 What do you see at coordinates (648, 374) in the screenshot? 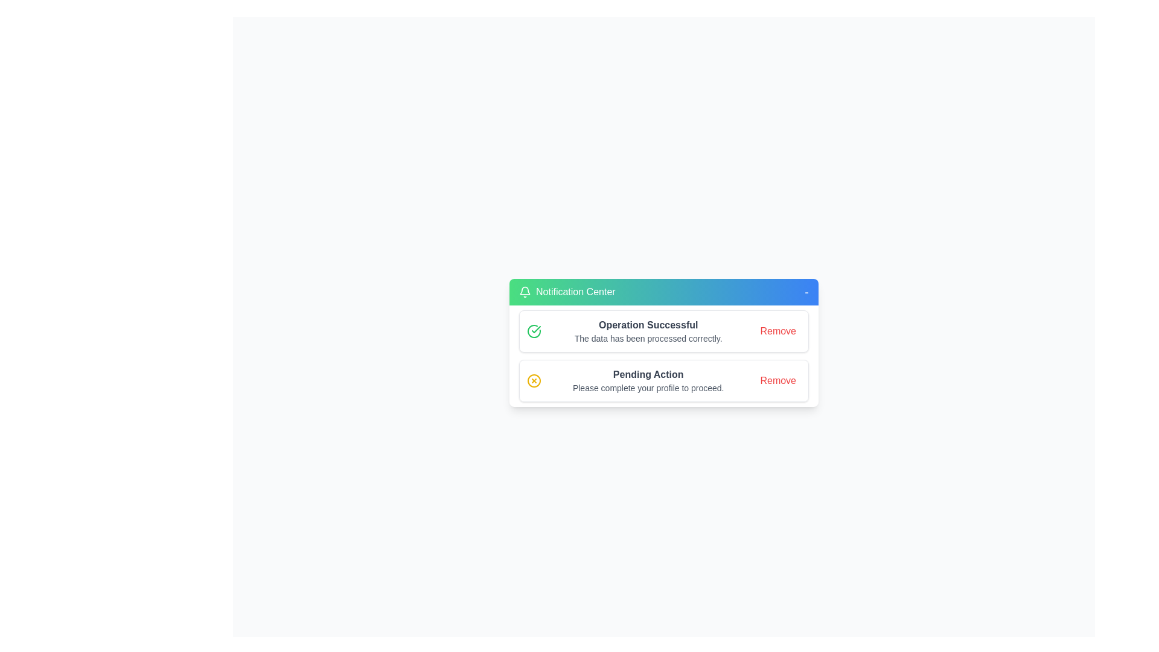
I see `the 'Pending Action' text label styled in bold gray font, located in the Notification Center panel, which is the first line of text in a notification card` at bounding box center [648, 374].